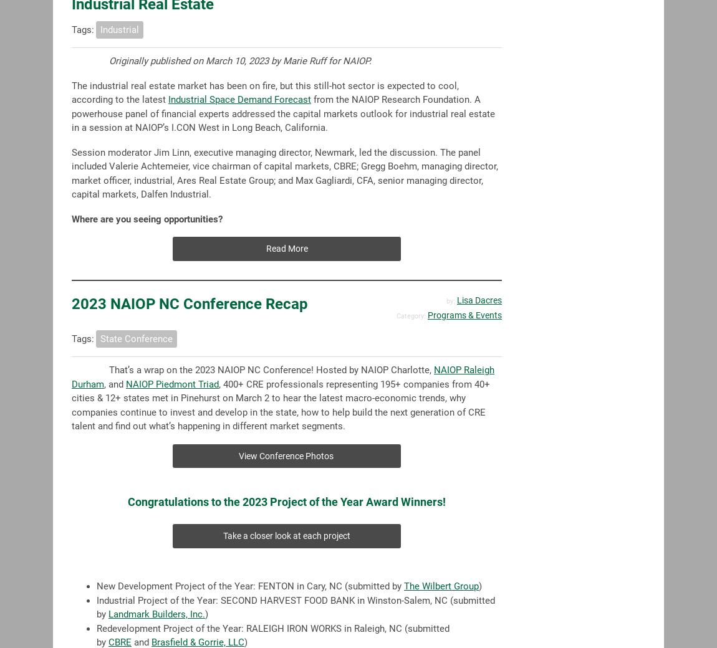  I want to click on 'Programs & Events', so click(464, 315).